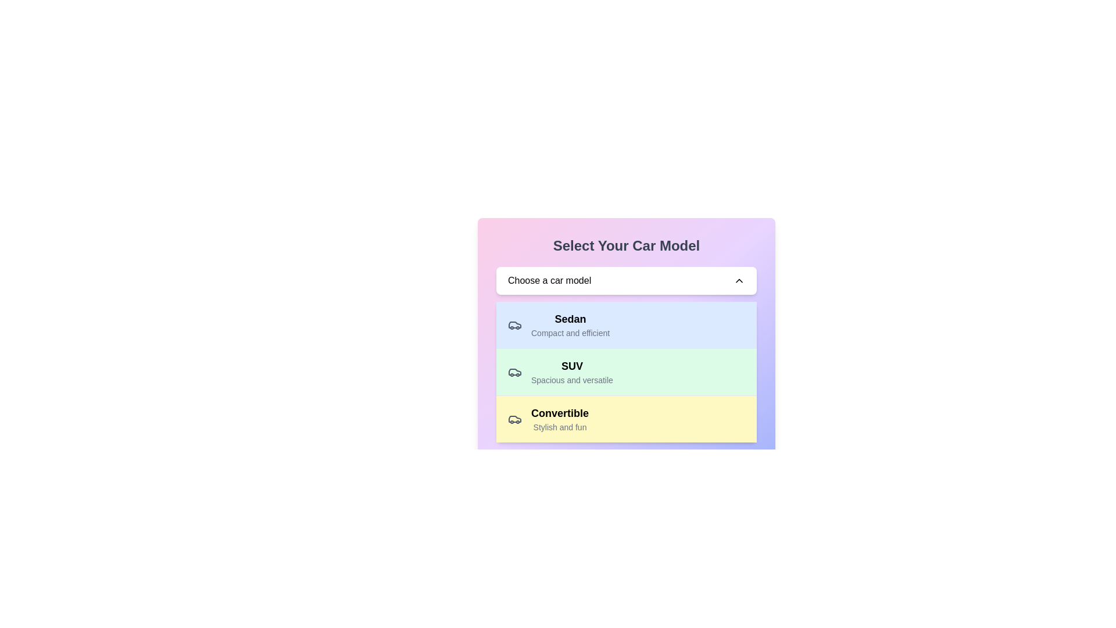 Image resolution: width=1116 pixels, height=628 pixels. I want to click on the center of the text element labeled 'Convertible' with the subtitle 'Stylish and fun', located at the bottom of the list of car models, so click(548, 419).